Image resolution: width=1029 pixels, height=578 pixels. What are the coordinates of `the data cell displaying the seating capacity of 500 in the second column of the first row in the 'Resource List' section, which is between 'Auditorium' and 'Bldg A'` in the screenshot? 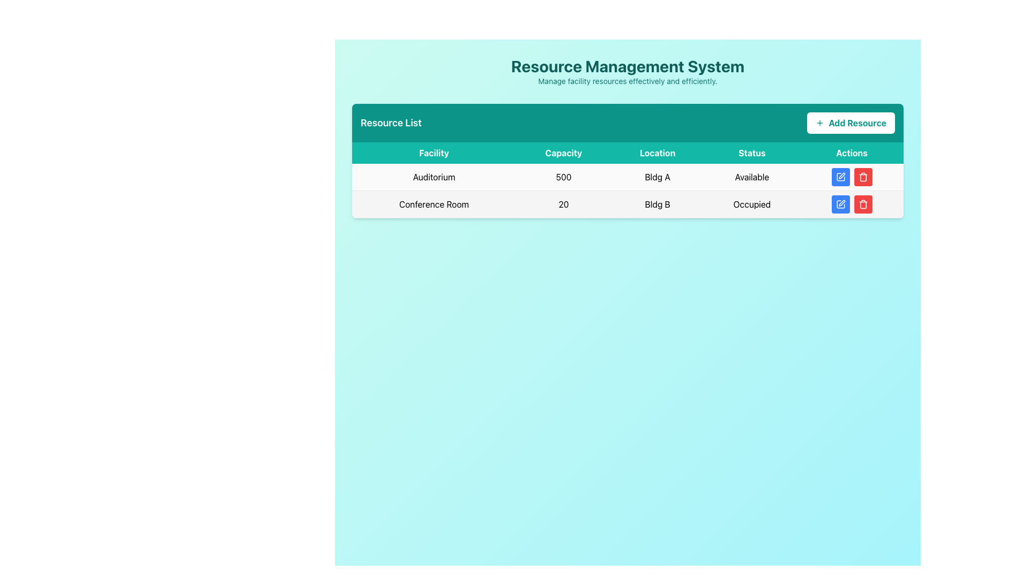 It's located at (563, 177).